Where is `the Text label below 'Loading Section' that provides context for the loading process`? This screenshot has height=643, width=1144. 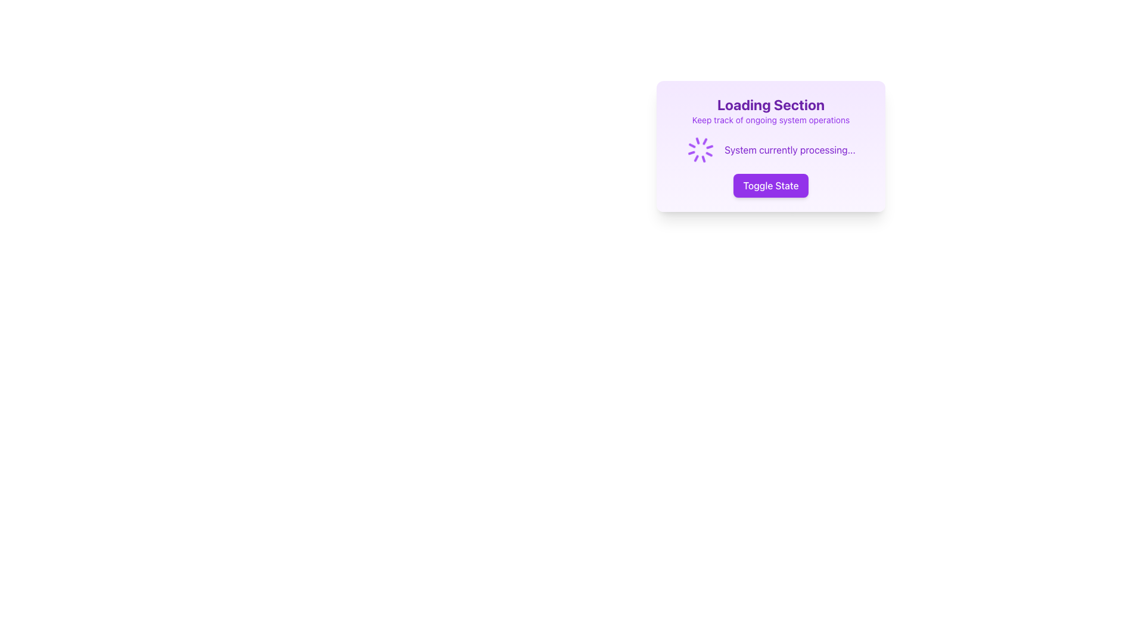 the Text label below 'Loading Section' that provides context for the loading process is located at coordinates (771, 120).